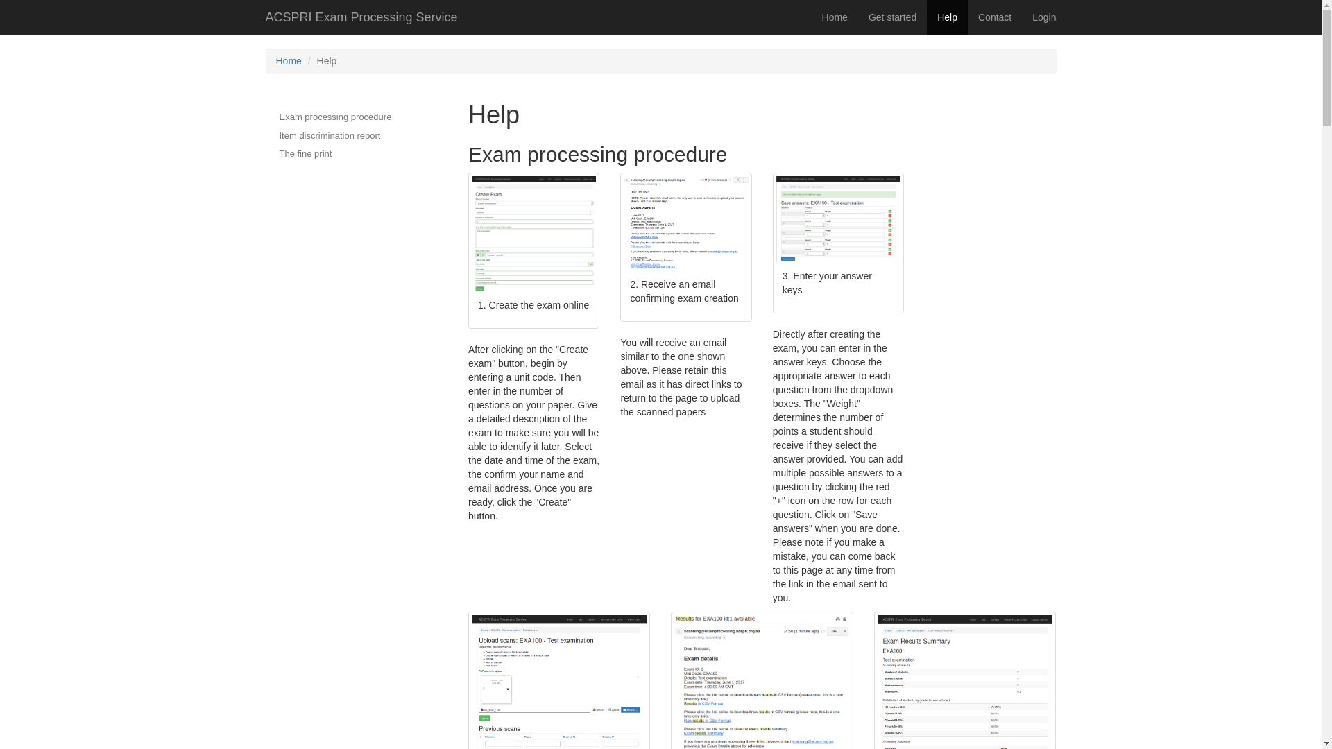  Describe the element at coordinates (946, 17) in the screenshot. I see `'Help'` at that location.